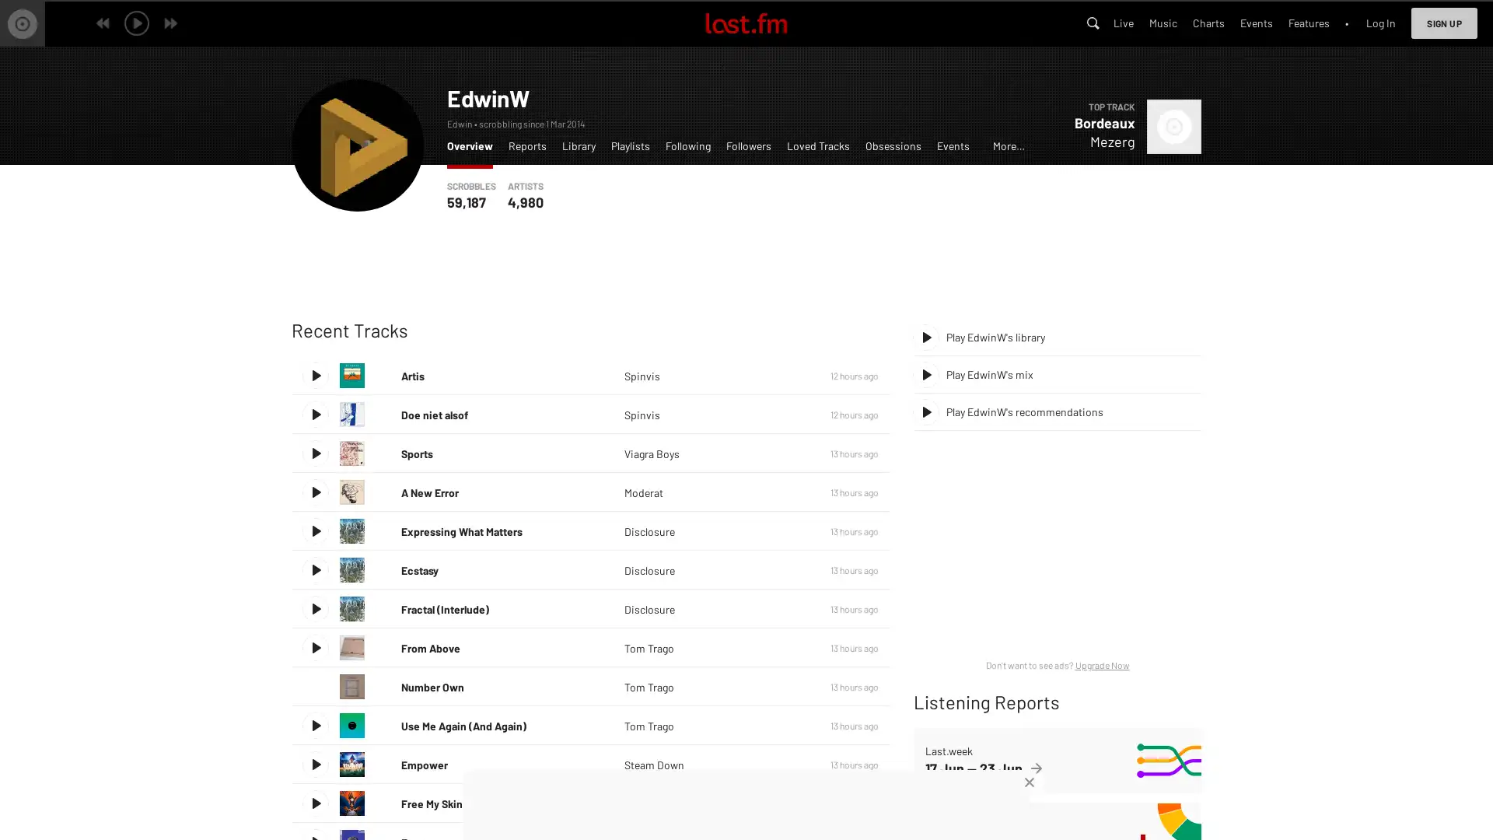  I want to click on More..., so click(1009, 150).